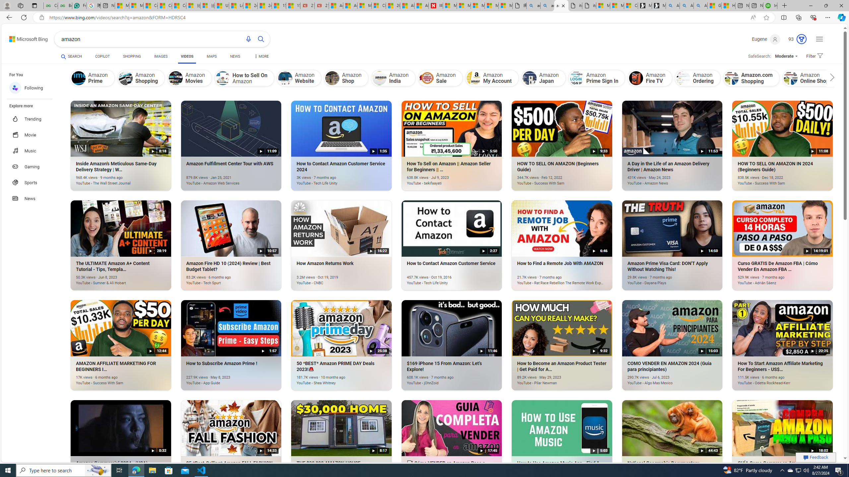 The width and height of the screenshot is (849, 477). Describe the element at coordinates (33, 150) in the screenshot. I see `'Music'` at that location.